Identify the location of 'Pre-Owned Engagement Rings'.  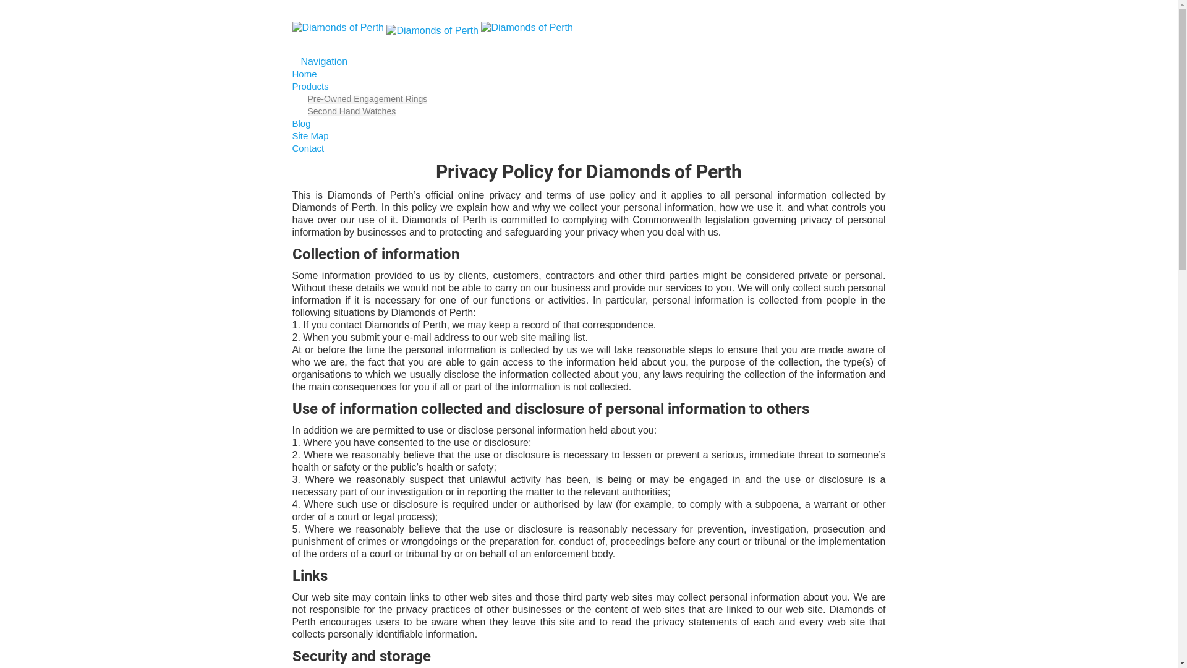
(367, 98).